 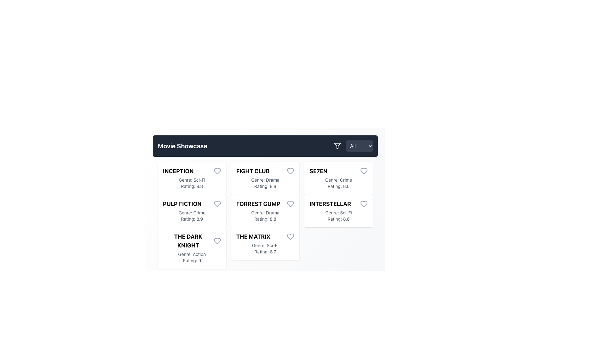 What do you see at coordinates (265, 216) in the screenshot?
I see `the text element displaying 'Genre: Drama Rating: 8.8', which is styled in gray and located beneath the title 'Forrest Gump' within its card` at bounding box center [265, 216].